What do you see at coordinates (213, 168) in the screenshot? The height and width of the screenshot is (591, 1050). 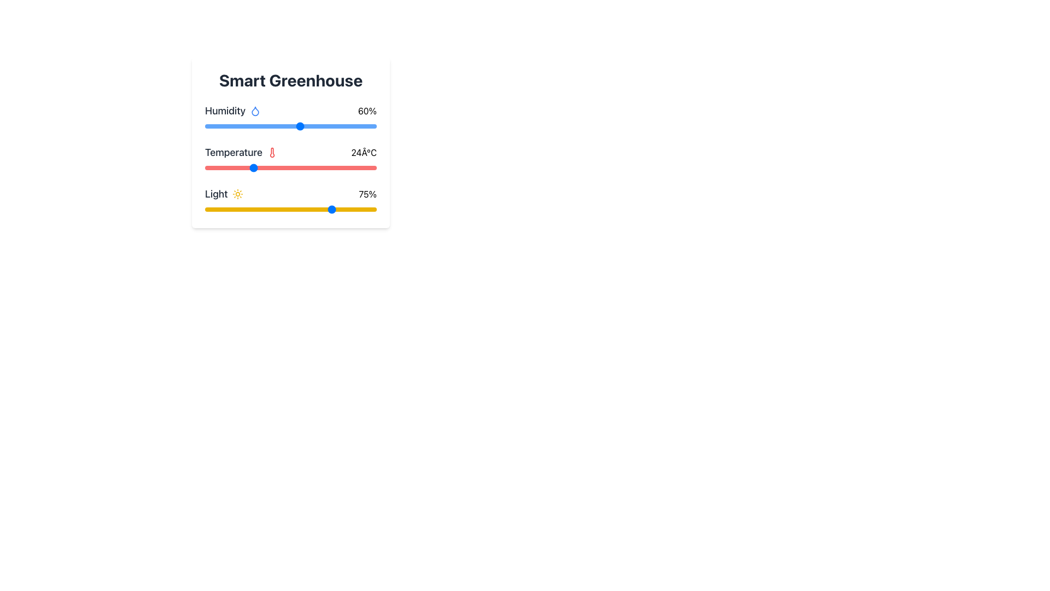 I see `the temperature` at bounding box center [213, 168].